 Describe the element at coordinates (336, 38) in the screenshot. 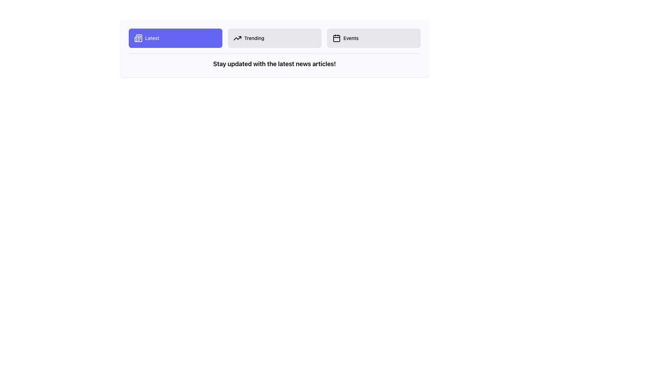

I see `the calendar icon, which is a square-shaped element with a black outline, located to the left of the 'Events' label in the horizontal navigation bar` at that location.